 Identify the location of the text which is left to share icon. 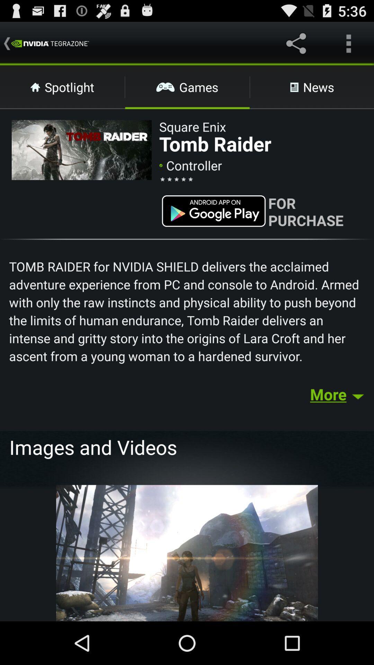
(50, 43).